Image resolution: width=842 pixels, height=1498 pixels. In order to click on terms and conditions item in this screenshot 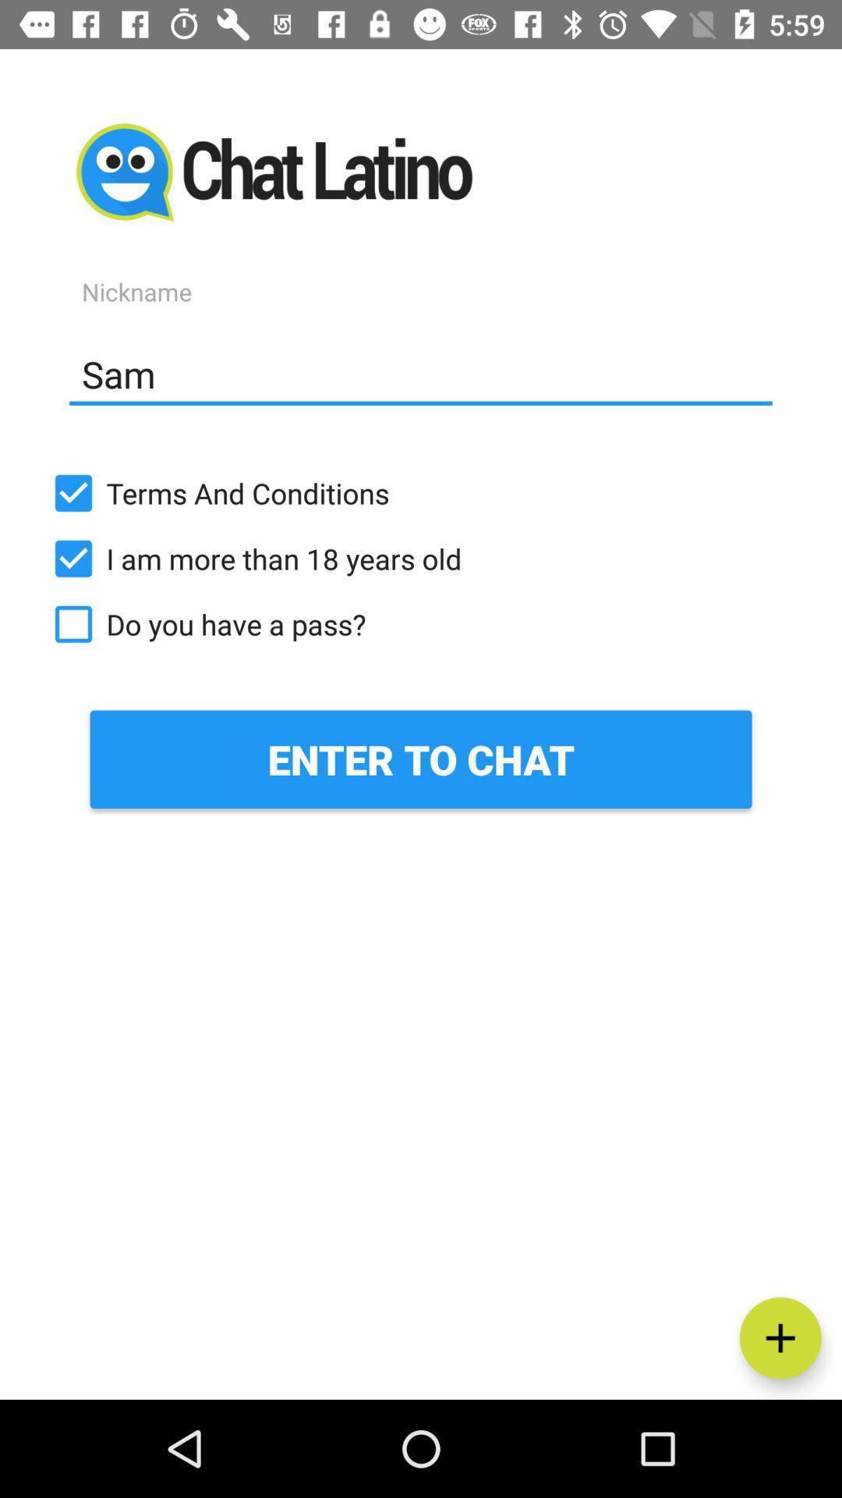, I will do `click(421, 492)`.